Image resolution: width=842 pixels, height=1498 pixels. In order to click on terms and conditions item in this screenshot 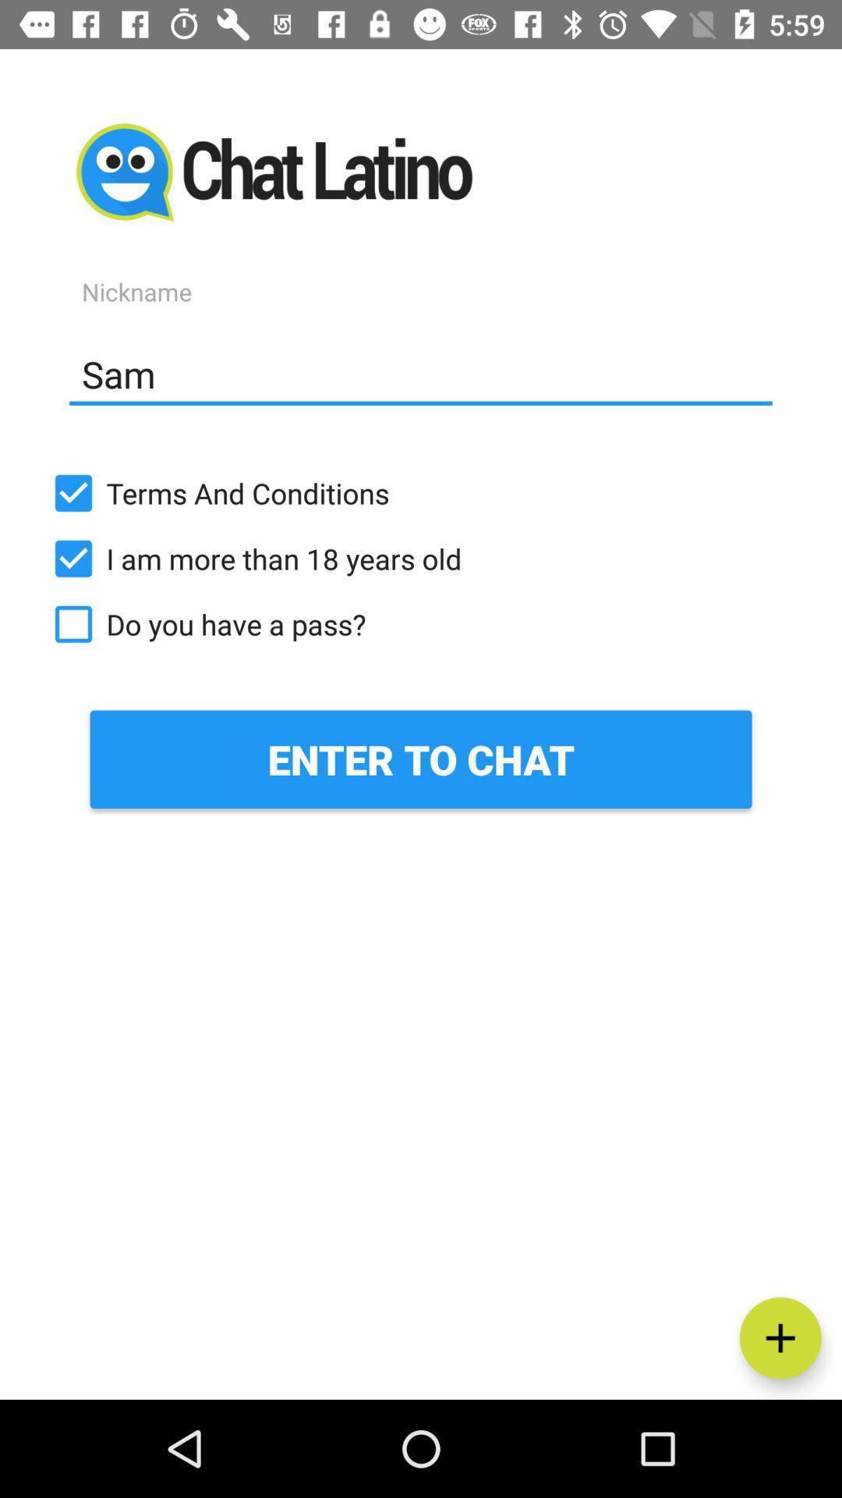, I will do `click(421, 492)`.